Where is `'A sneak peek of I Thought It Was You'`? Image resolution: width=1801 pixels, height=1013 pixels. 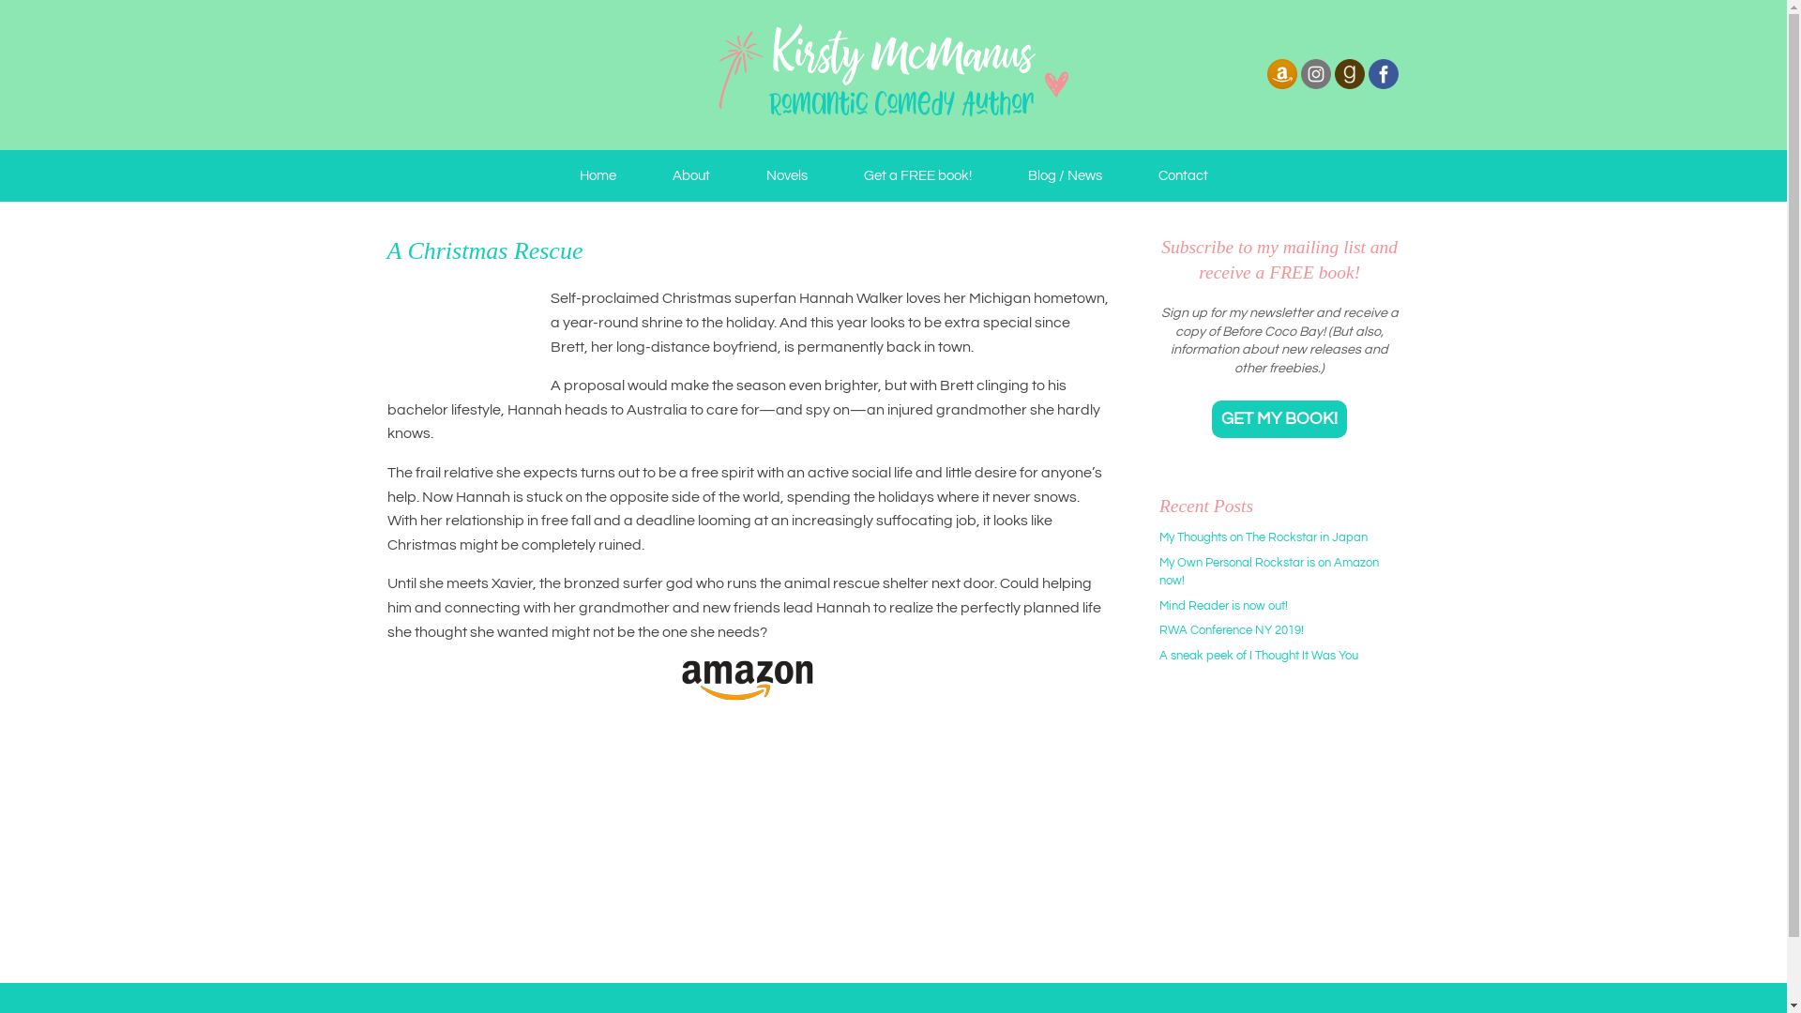
'A sneak peek of I Thought It Was You' is located at coordinates (1158, 654).